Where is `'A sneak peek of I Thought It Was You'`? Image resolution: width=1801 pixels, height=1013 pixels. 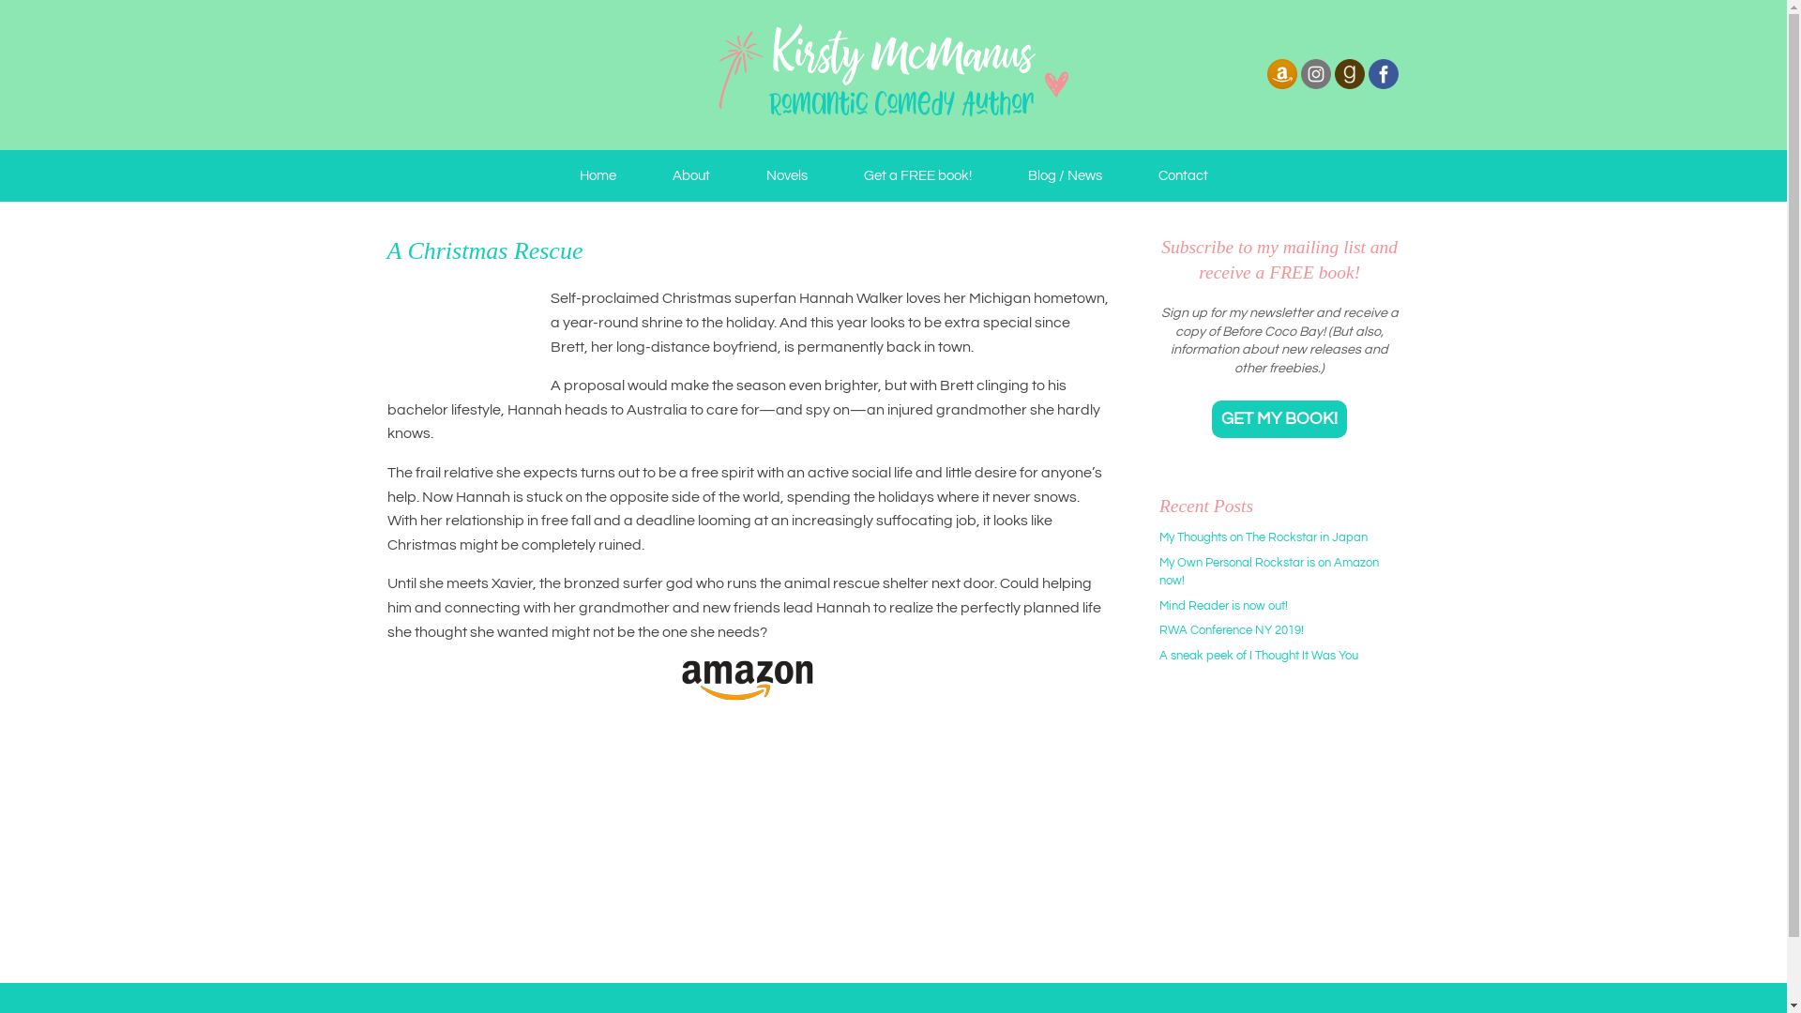
'A sneak peek of I Thought It Was You' is located at coordinates (1158, 654).